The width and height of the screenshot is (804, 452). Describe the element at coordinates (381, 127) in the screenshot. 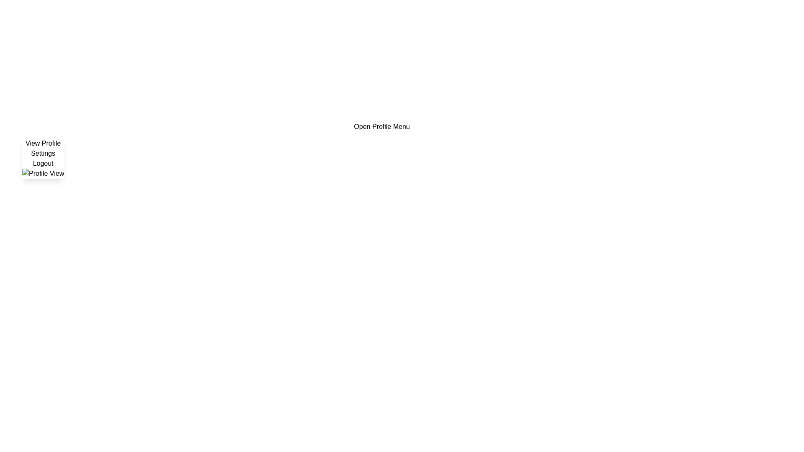

I see `the 'Open Profile Menu' button` at that location.